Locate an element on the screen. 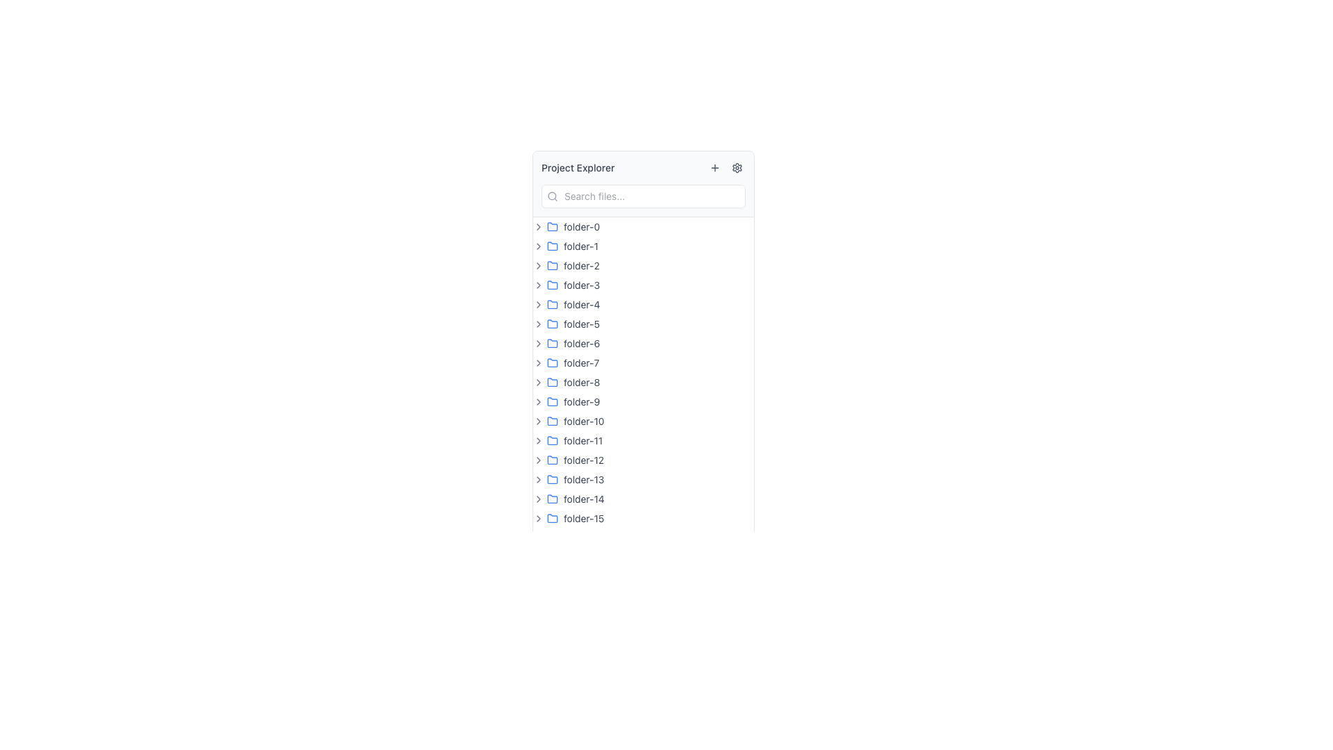  the blue folder icon in the Project Explorer section, specifically located next to the label 'folder-4' is located at coordinates (552, 303).